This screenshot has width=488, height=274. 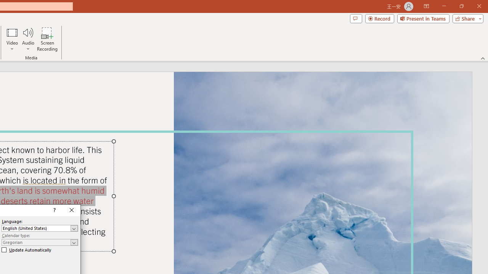 What do you see at coordinates (423, 18) in the screenshot?
I see `'Present in Teams'` at bounding box center [423, 18].